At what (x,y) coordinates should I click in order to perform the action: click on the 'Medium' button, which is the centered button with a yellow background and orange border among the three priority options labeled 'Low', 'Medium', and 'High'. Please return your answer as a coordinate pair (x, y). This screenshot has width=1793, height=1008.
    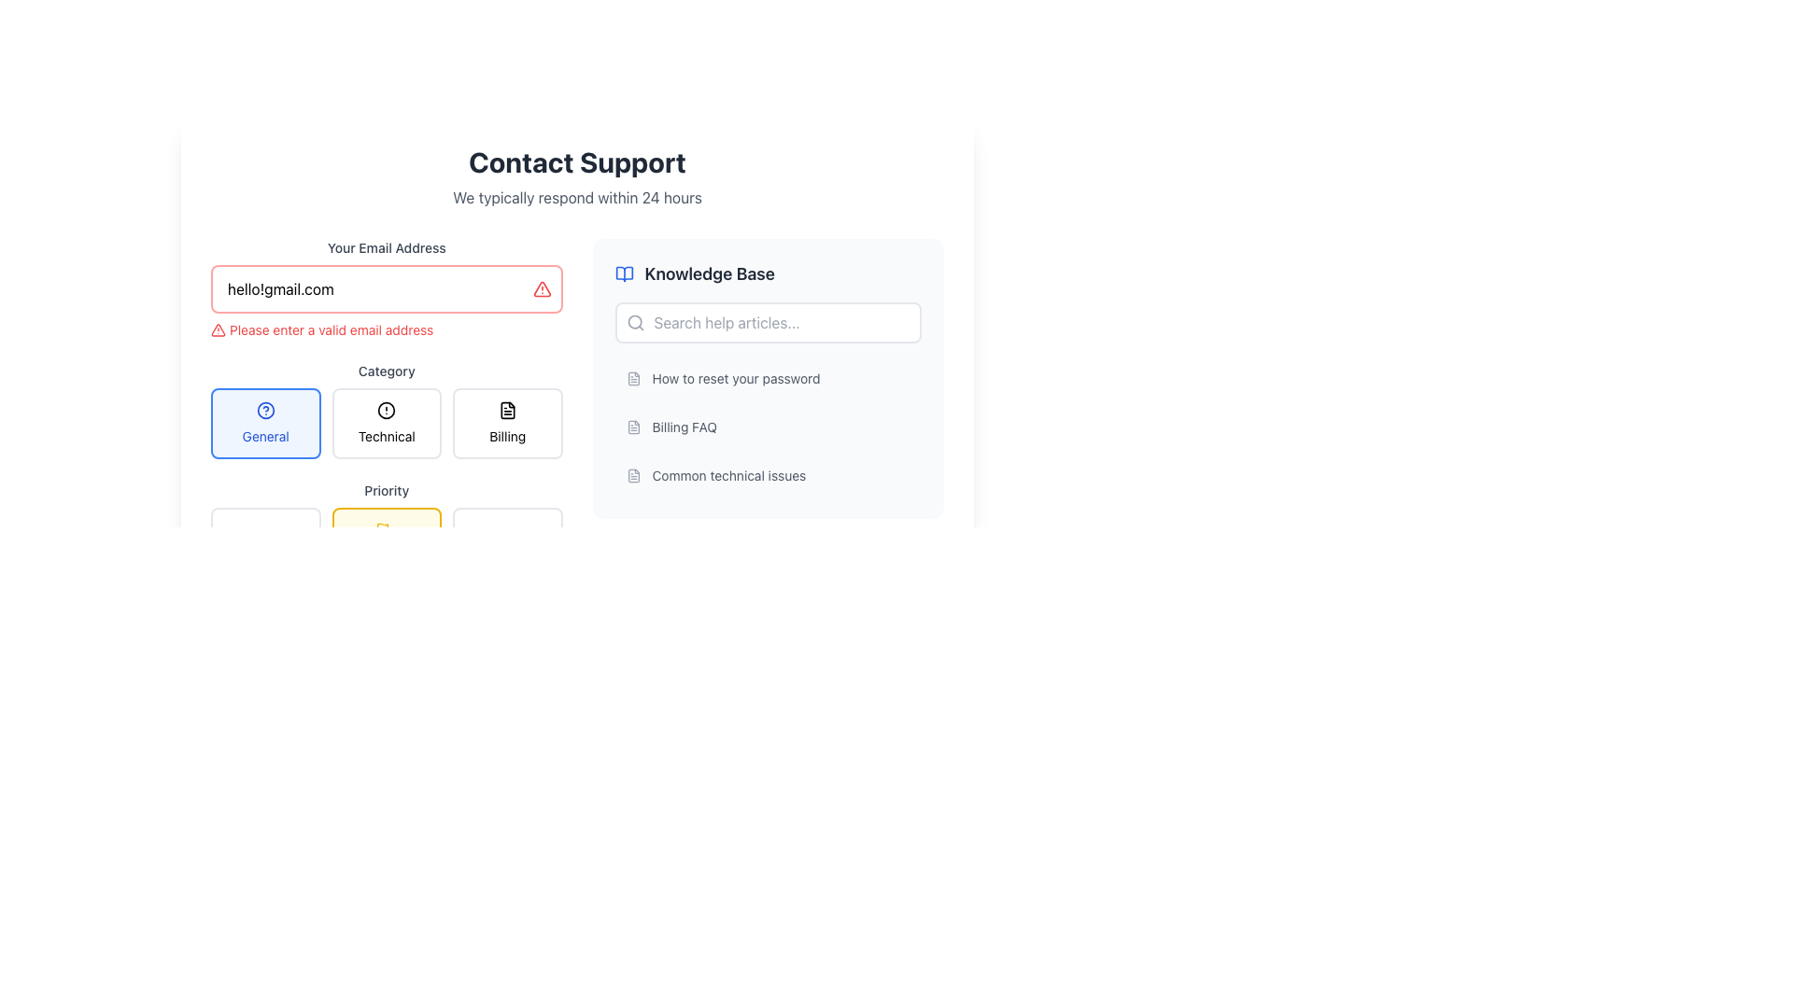
    Looking at the image, I should click on (386, 539).